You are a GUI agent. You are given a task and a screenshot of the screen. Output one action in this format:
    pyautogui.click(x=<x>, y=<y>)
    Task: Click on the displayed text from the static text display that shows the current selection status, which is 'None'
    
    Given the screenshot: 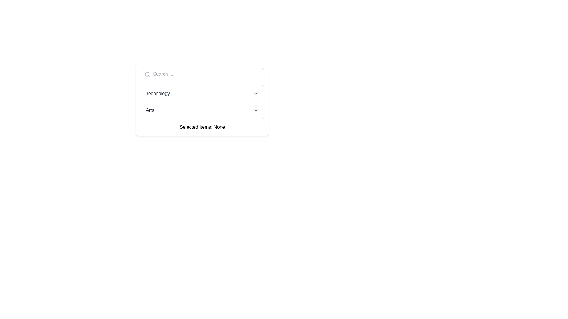 What is the action you would take?
    pyautogui.click(x=202, y=127)
    